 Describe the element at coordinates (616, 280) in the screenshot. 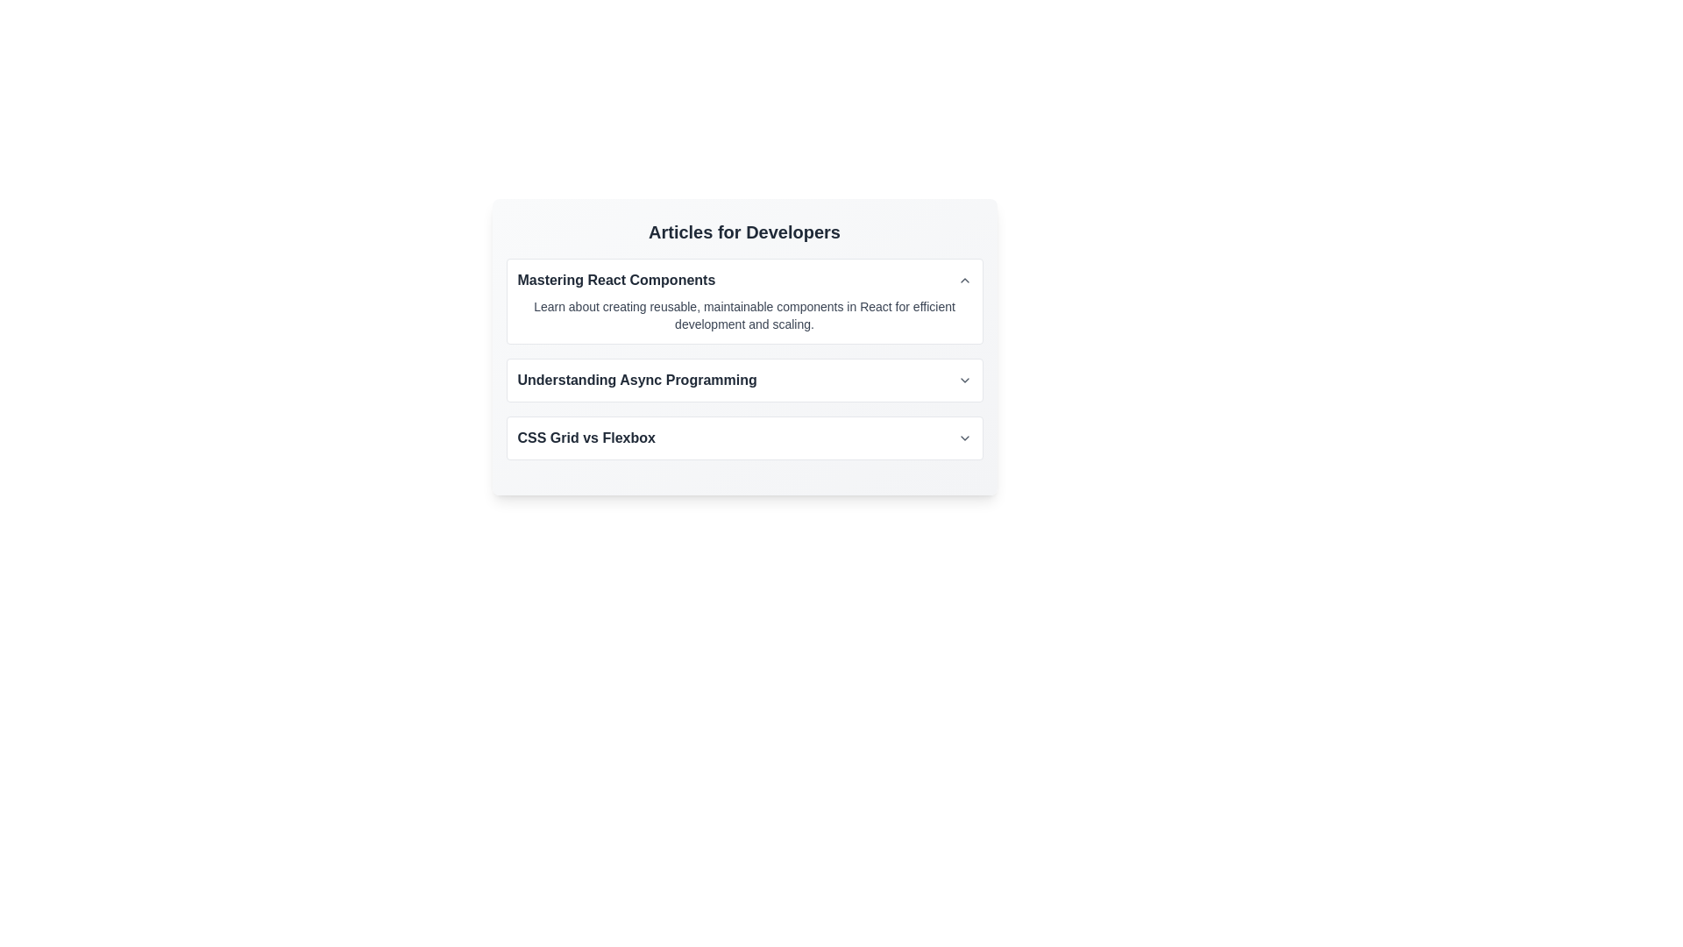

I see `text of the bold label reading 'Mastering React Components', which is located in the 'Articles for Developers' section, positioned above 'Understanding Async Programming' and 'CSS Grid vs Flexbox'` at that location.